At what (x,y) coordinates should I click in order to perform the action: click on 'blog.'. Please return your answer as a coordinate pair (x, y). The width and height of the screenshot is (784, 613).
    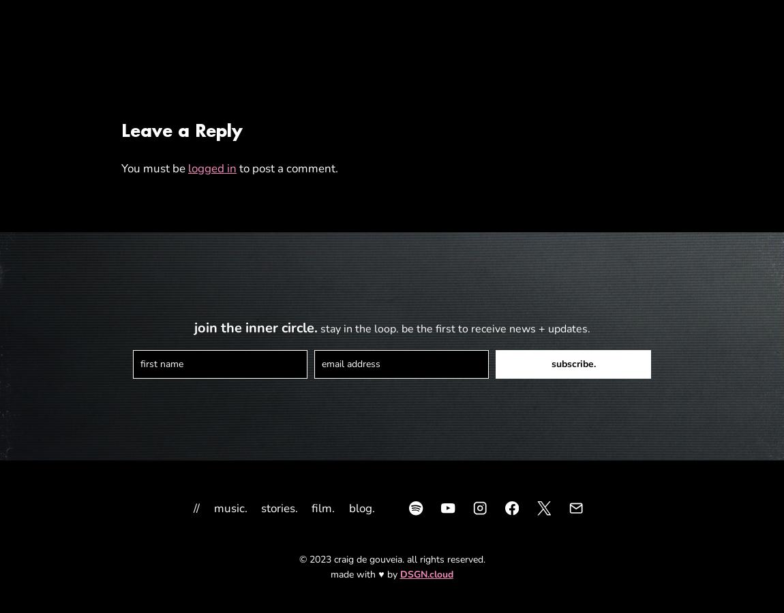
    Looking at the image, I should click on (361, 507).